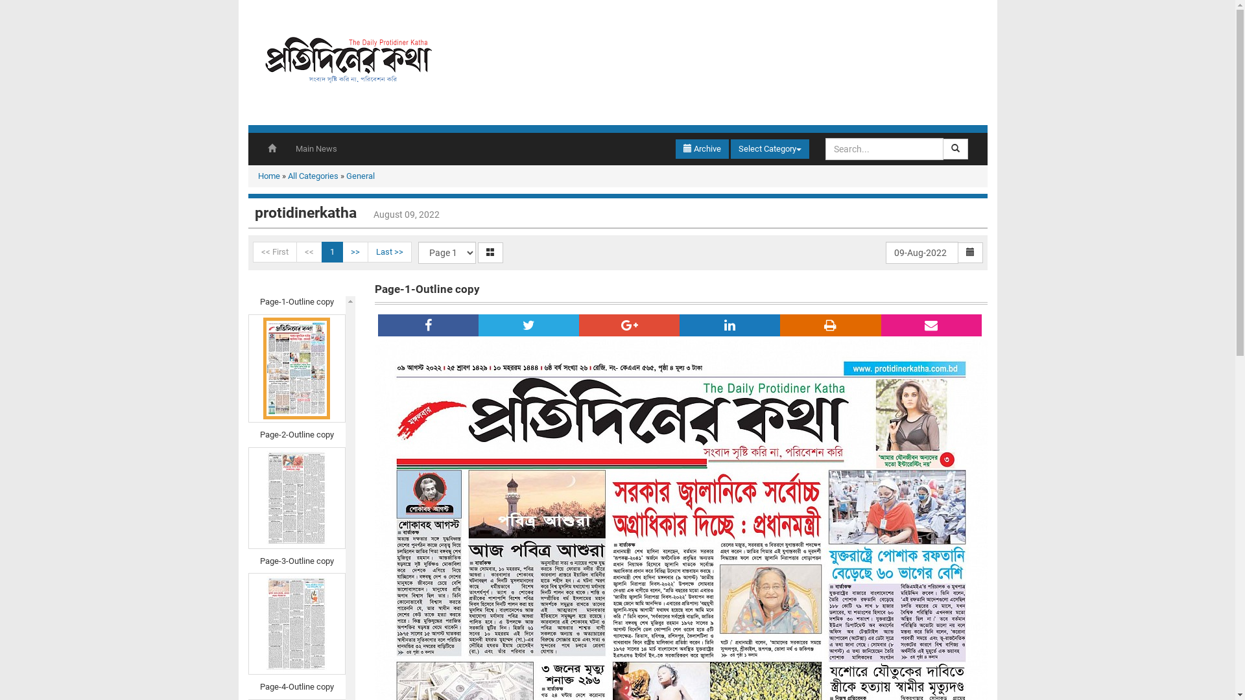 This screenshot has height=700, width=1245. I want to click on 'Last >>', so click(388, 252).